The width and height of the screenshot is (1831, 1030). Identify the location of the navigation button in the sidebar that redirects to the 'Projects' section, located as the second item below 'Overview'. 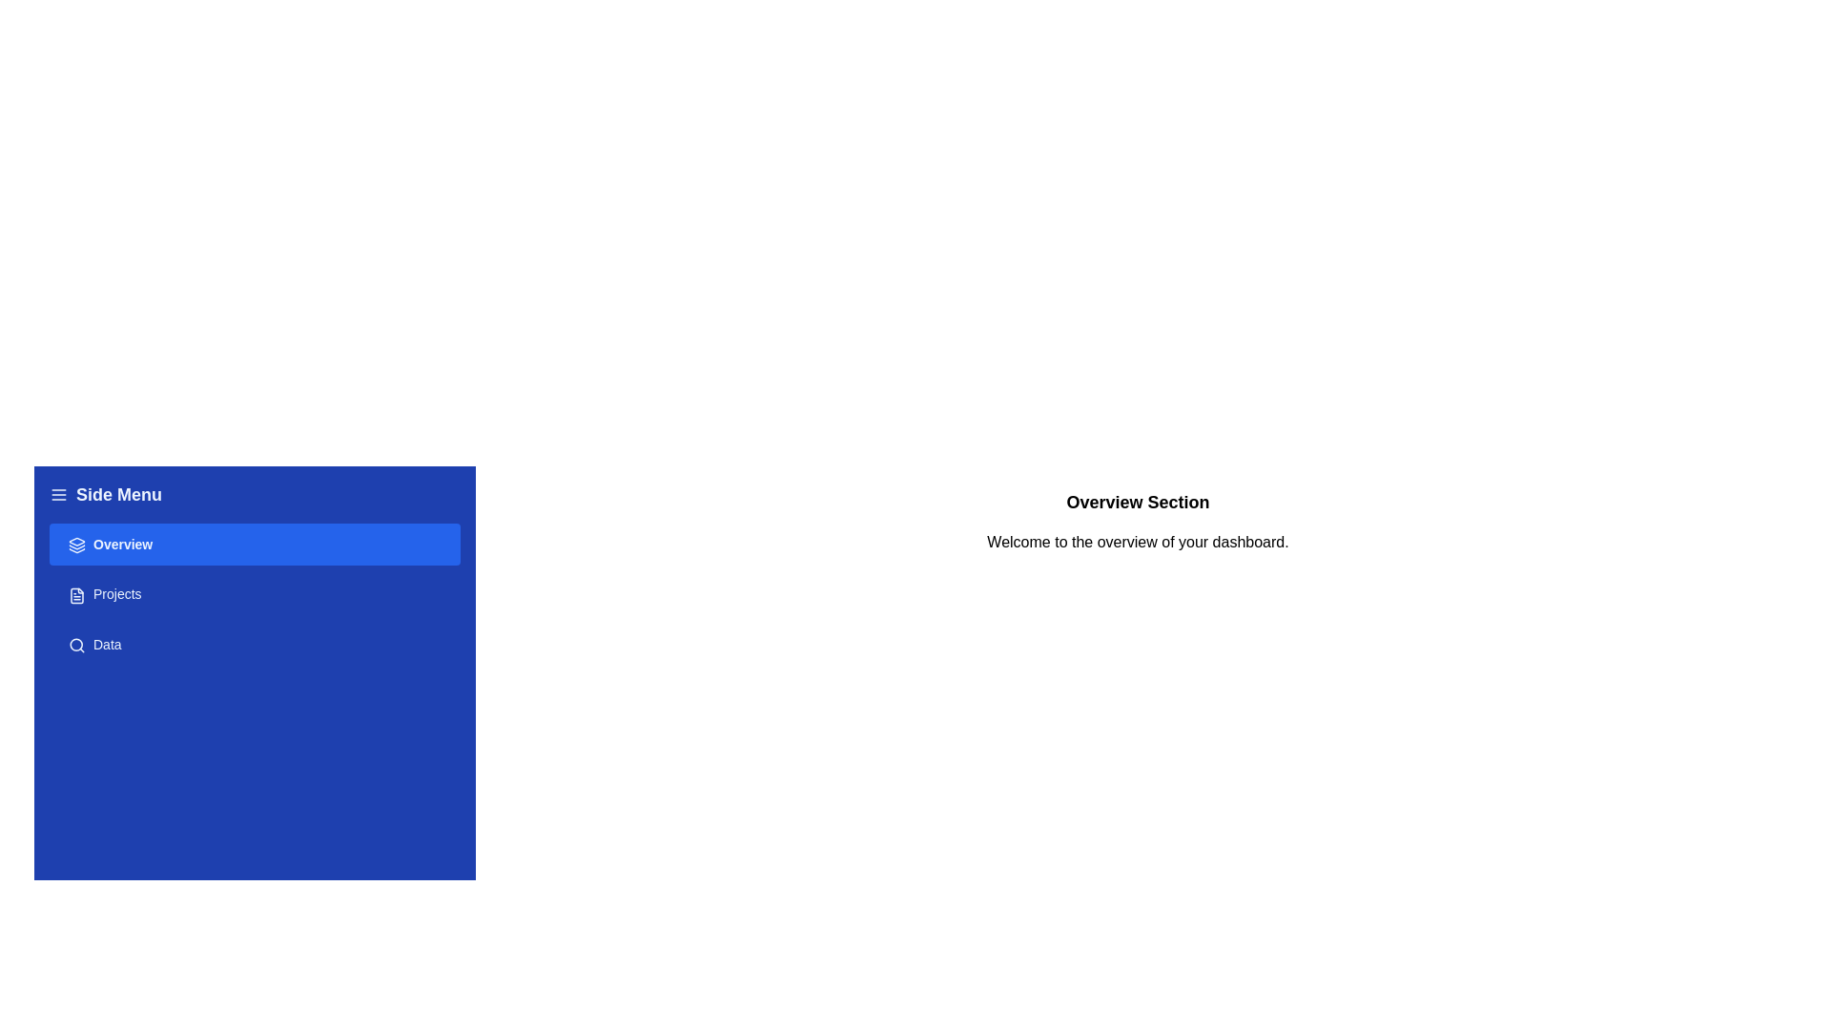
(254, 593).